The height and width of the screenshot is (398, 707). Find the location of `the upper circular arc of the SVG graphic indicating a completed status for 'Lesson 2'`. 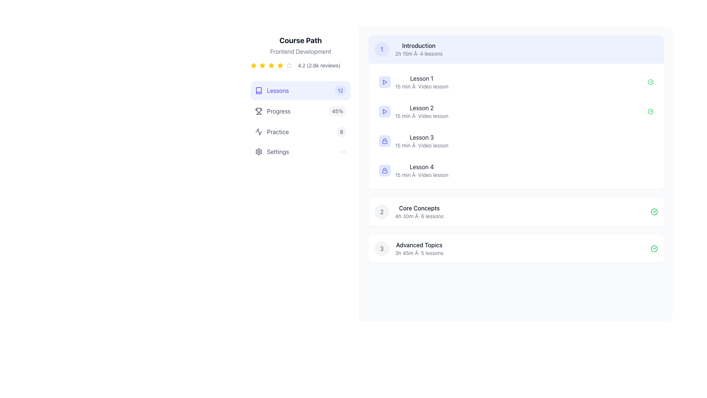

the upper circular arc of the SVG graphic indicating a completed status for 'Lesson 2' is located at coordinates (650, 82).